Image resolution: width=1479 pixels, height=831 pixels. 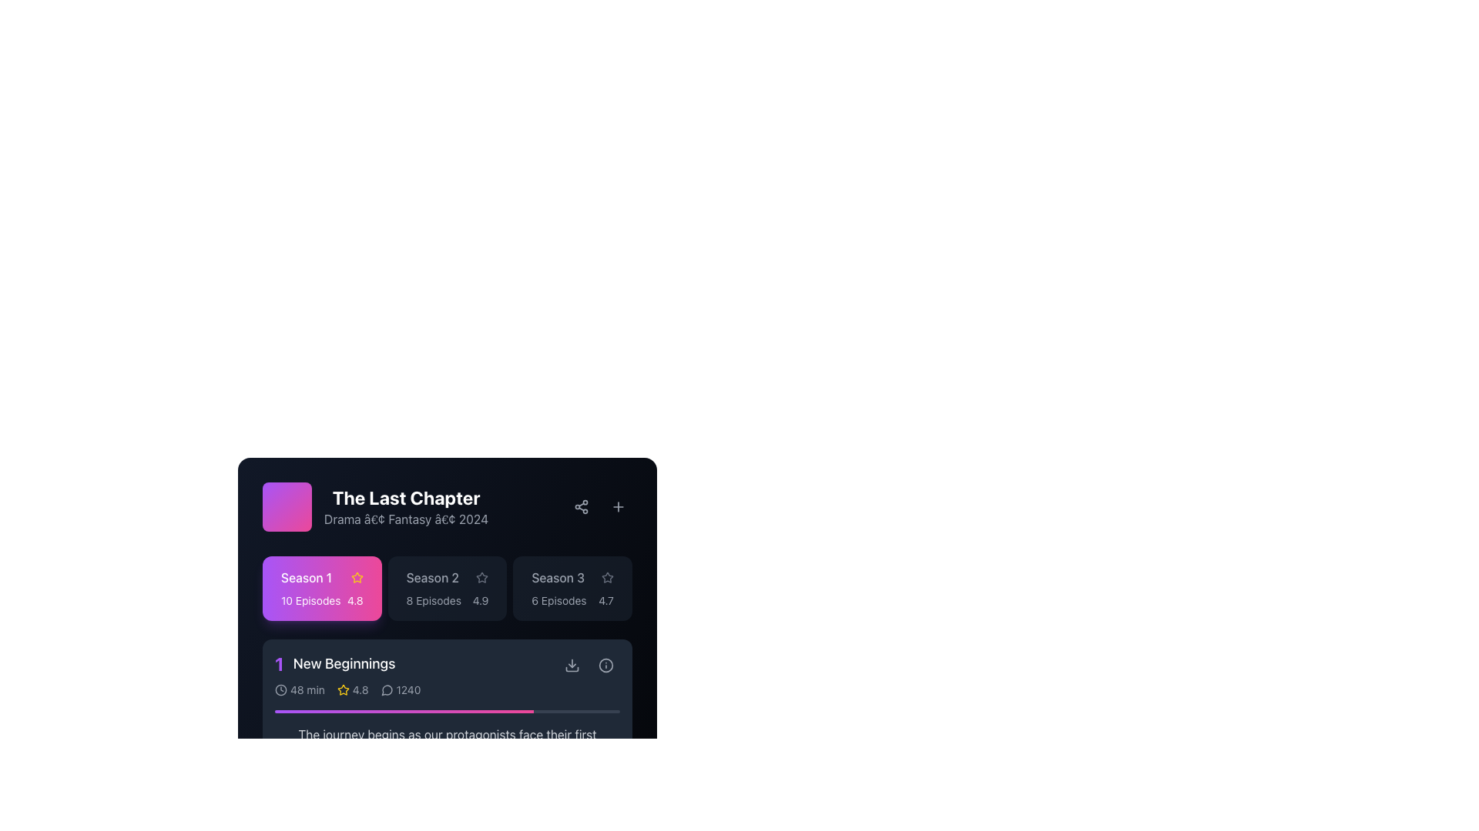 What do you see at coordinates (481, 576) in the screenshot?
I see `the gray star icon with an outline design that serves as a rating or favorite indicator, located adjacent to the 'Season 2' label` at bounding box center [481, 576].